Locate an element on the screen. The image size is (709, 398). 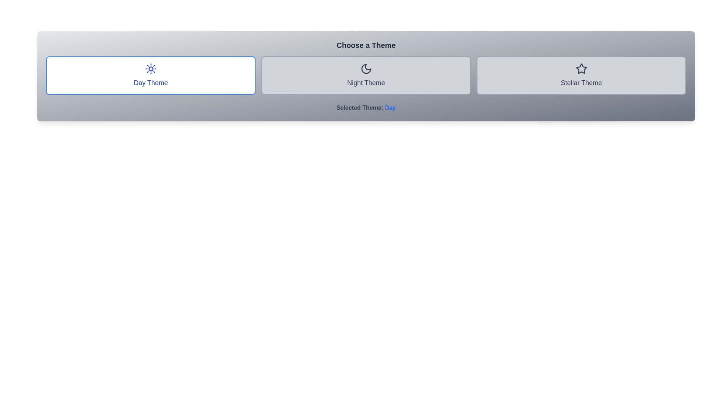
the theme stellar by clicking on its respective button is located at coordinates (581, 75).